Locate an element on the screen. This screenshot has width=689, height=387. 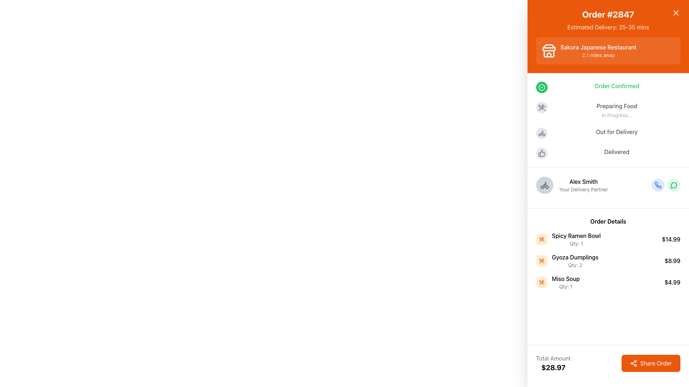
informational label displaying the proximity of the restaurant located beneath the bolded text 'Sakura Japanese Restaurant' in the upper section of the right sidebar is located at coordinates (598, 55).